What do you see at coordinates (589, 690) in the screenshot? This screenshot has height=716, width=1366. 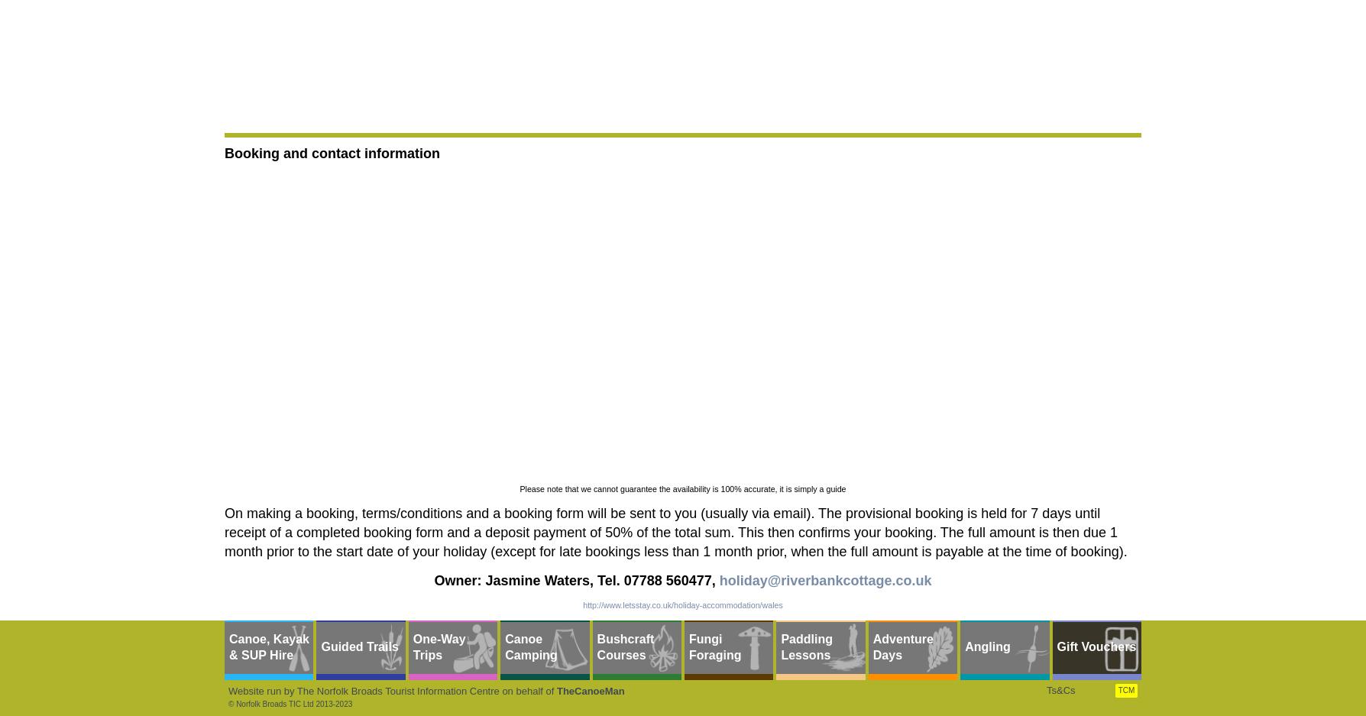 I see `'TheCanoeMan'` at bounding box center [589, 690].